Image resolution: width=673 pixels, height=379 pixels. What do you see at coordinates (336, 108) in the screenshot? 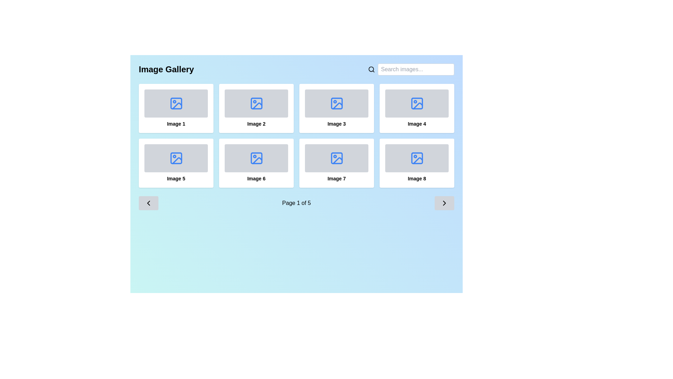
I see `the clickable card labeled 'Image 3' located in the third column of the first row of a 2x4 grid layout` at bounding box center [336, 108].